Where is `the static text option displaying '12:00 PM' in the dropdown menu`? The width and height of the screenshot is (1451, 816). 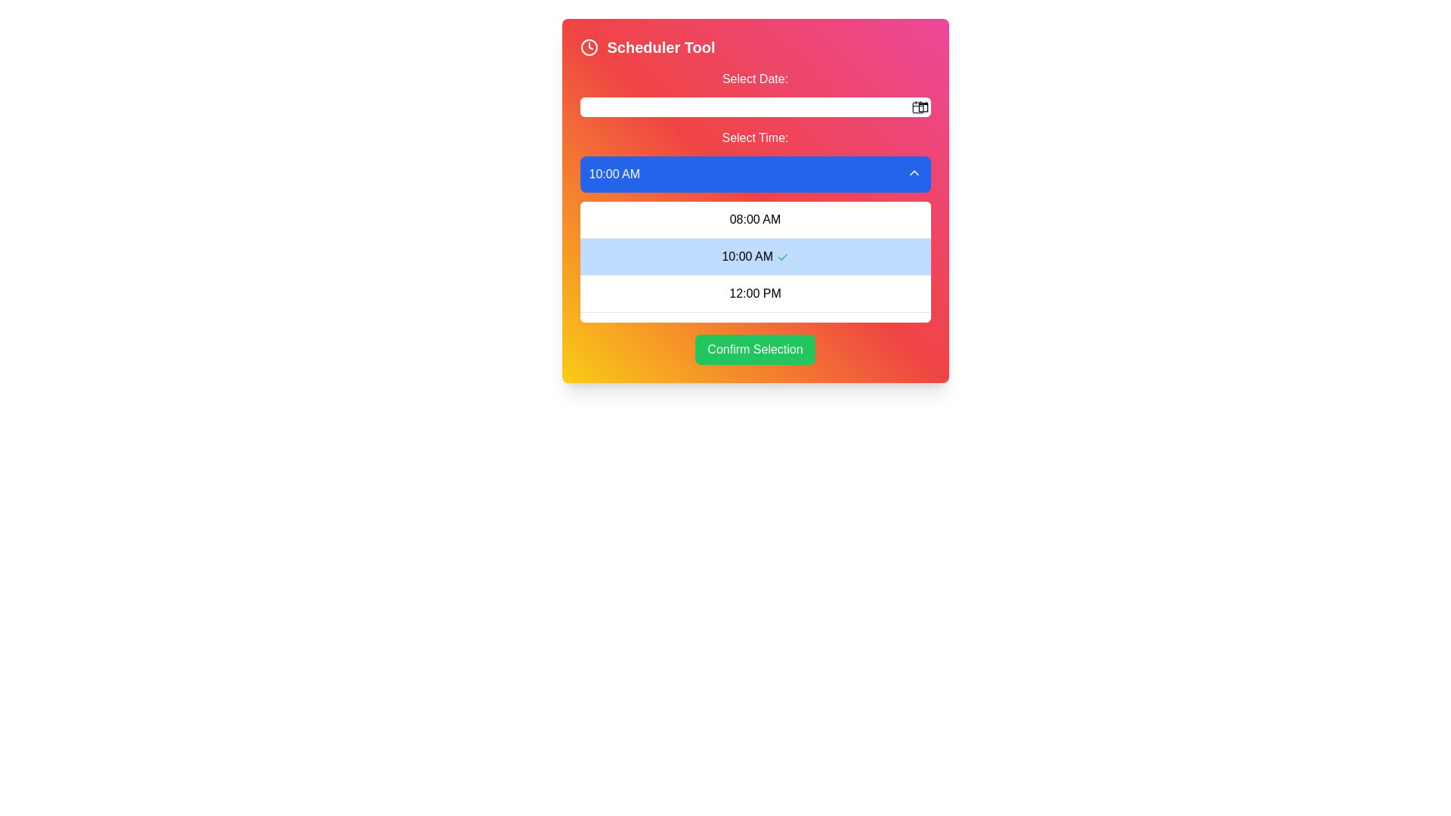 the static text option displaying '12:00 PM' in the dropdown menu is located at coordinates (755, 293).